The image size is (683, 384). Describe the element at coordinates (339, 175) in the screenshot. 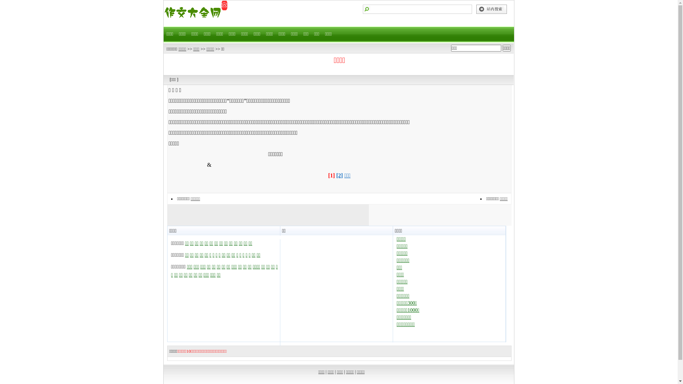

I see `'[2]'` at that location.